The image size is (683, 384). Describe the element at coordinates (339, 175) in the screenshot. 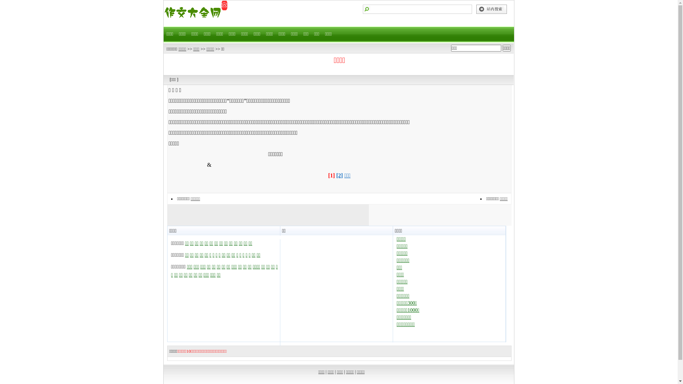

I see `'[2]'` at that location.